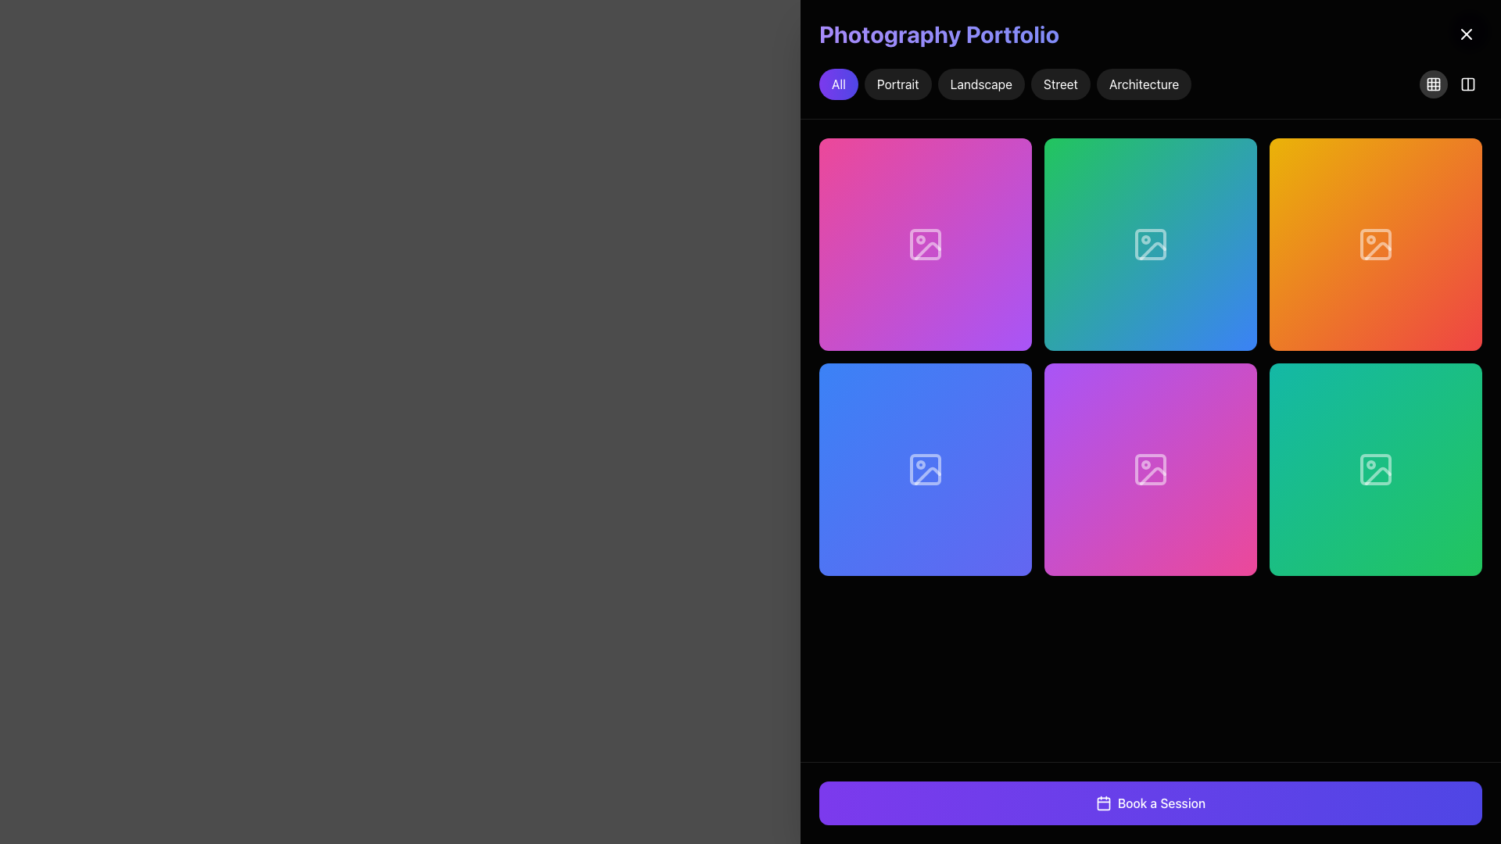 The image size is (1501, 844). What do you see at coordinates (1151, 84) in the screenshot?
I see `the 'Architecture' button in the Interactive button group located beneath the title 'Photography Portfolio' to filter content by the Architecture category` at bounding box center [1151, 84].